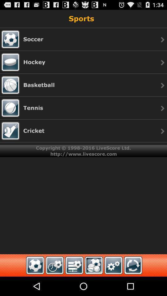 The height and width of the screenshot is (296, 167). Describe the element at coordinates (55, 284) in the screenshot. I see `the time icon` at that location.